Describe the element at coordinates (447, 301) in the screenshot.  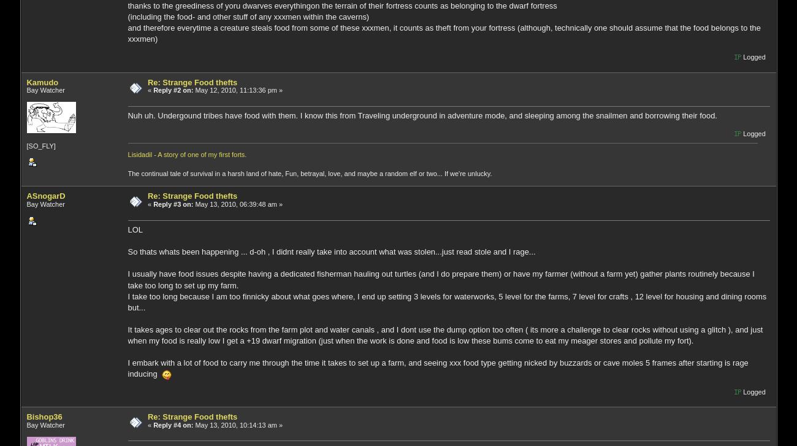
I see `'I take too long because I am too finnicky about what goes where, I end up setting 3 levels for waterworks, 5 level for the farms, 7 level for crafts , 12 level for housing and dining rooms but...'` at that location.